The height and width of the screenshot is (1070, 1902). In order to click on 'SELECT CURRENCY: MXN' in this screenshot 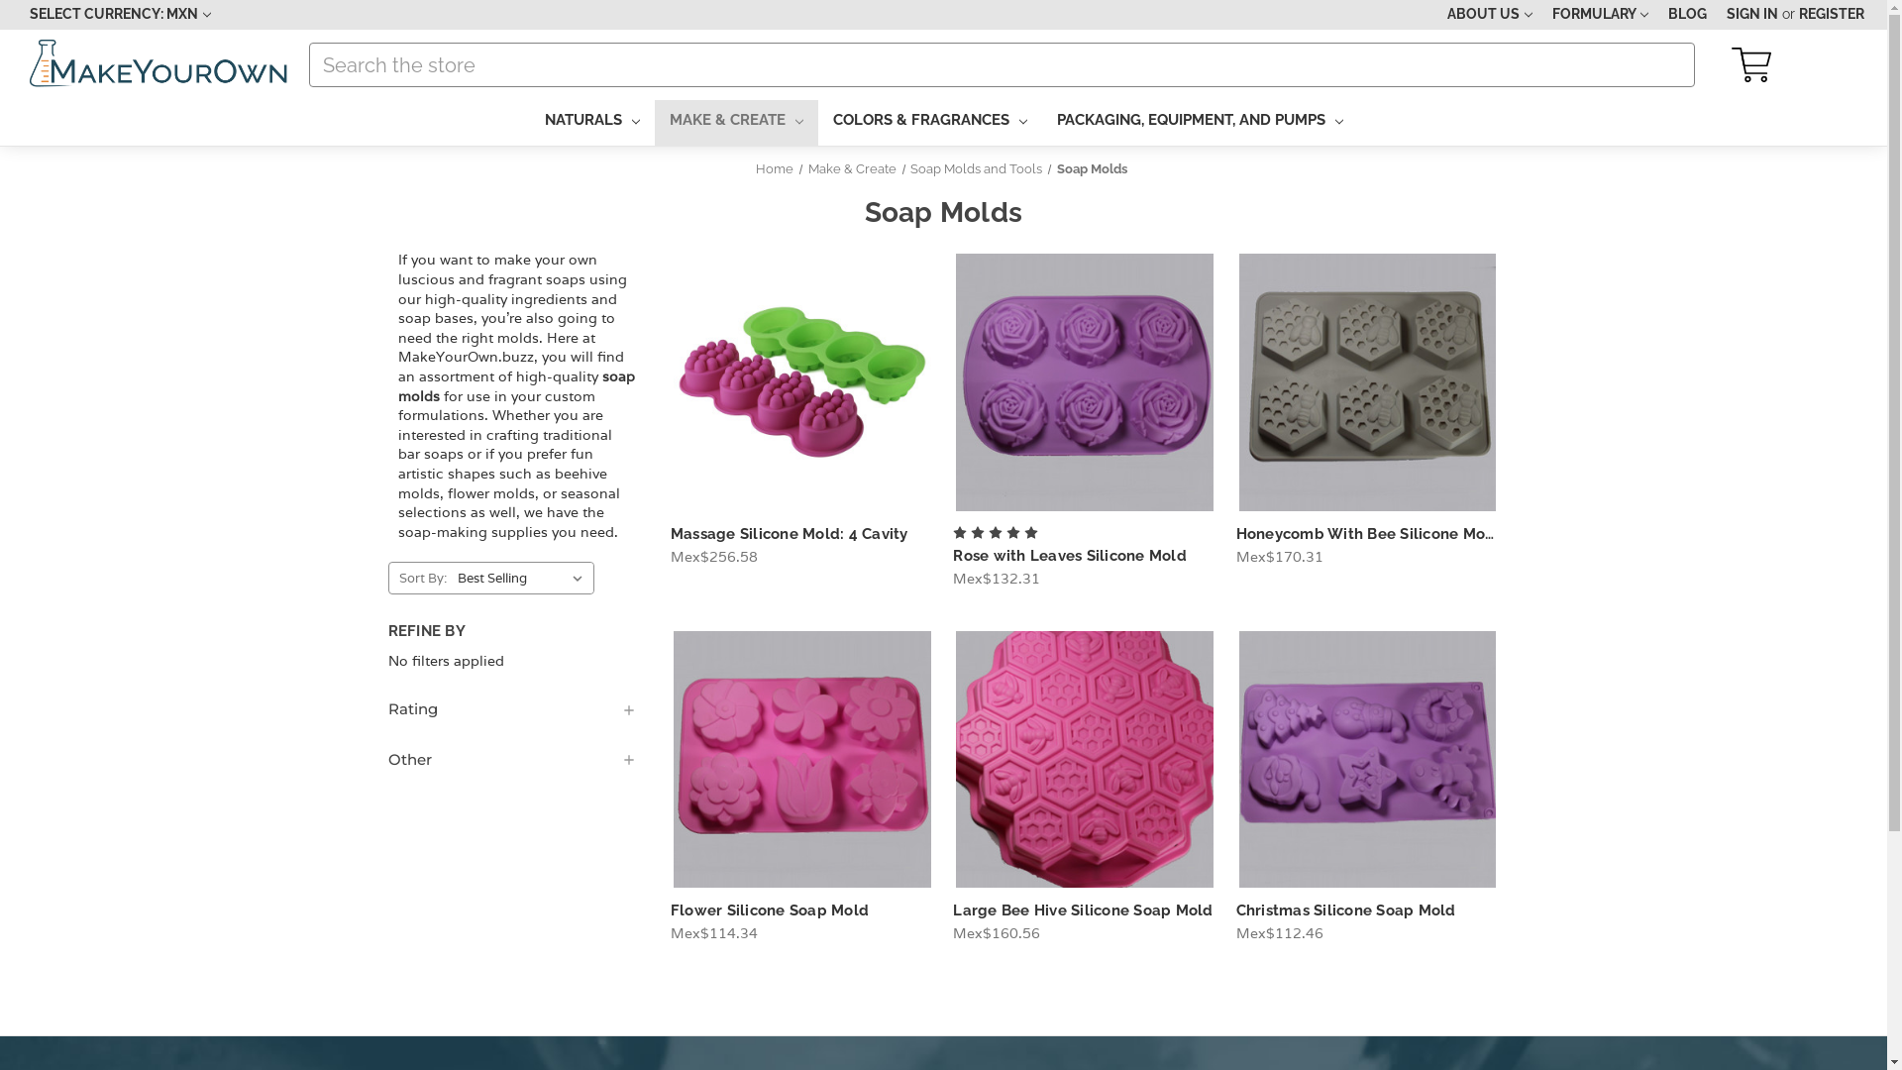, I will do `click(19, 15)`.